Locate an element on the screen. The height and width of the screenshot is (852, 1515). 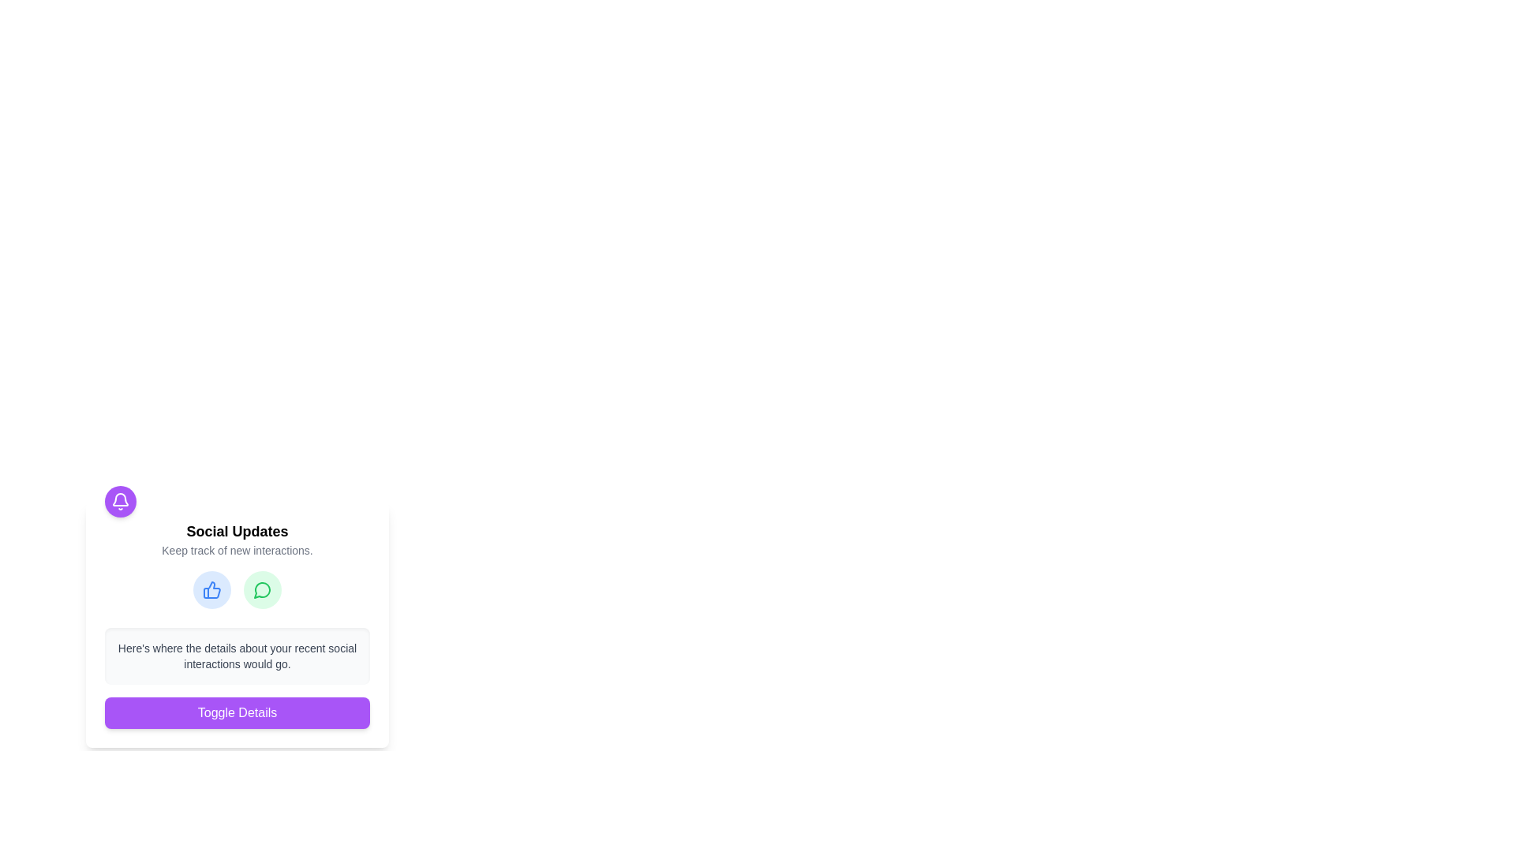
the Text Label that serves as a descriptive subtitle under the heading 'Social Updates' is located at coordinates (237, 550).